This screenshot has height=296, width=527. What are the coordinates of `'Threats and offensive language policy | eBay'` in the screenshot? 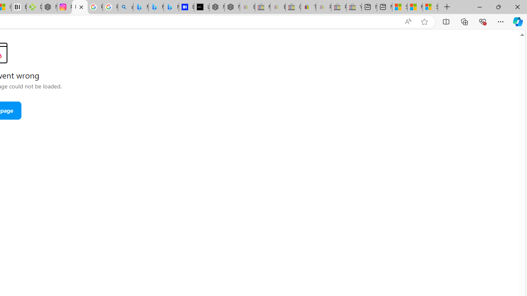 It's located at (308, 7).